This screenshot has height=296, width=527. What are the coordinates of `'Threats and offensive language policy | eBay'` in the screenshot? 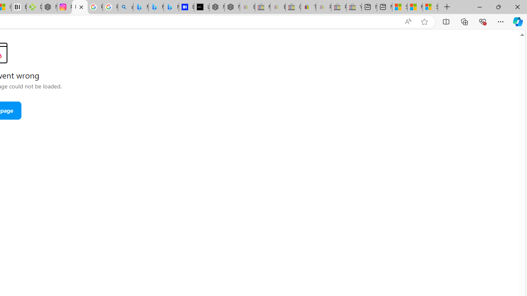 It's located at (308, 7).